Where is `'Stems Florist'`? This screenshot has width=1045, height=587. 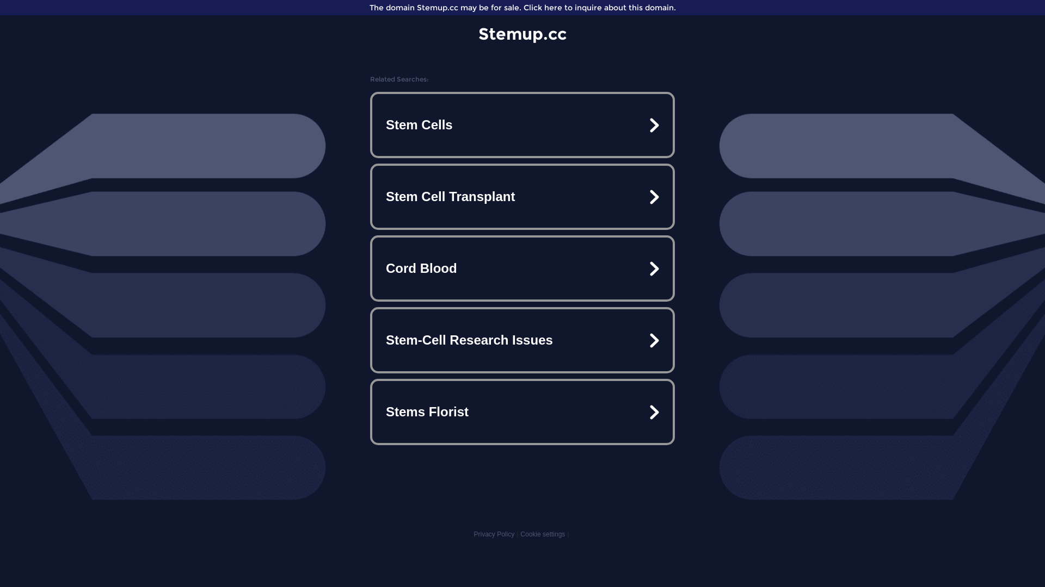
'Stems Florist' is located at coordinates (522, 412).